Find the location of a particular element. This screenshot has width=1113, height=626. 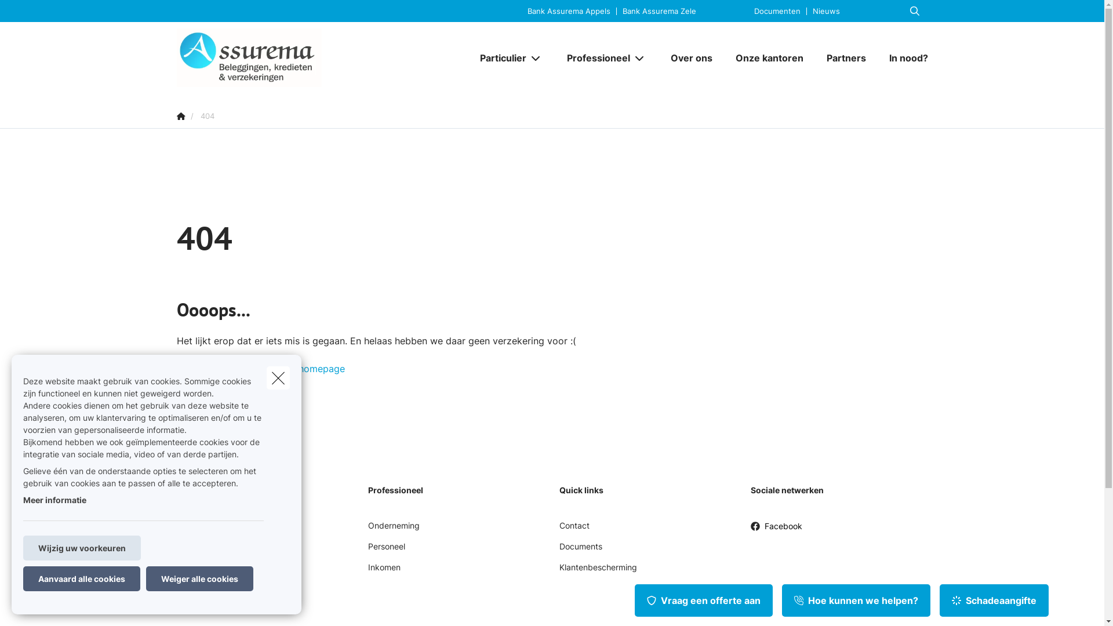

'homepage' is located at coordinates (321, 369).